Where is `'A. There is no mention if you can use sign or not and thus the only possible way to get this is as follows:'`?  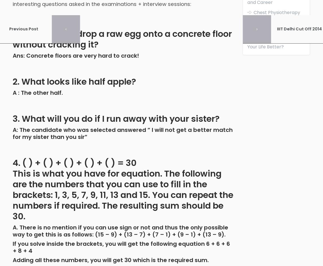
'A. There is no mention if you can use sign or not and thus the only possible way to get this is as follows:' is located at coordinates (120, 231).